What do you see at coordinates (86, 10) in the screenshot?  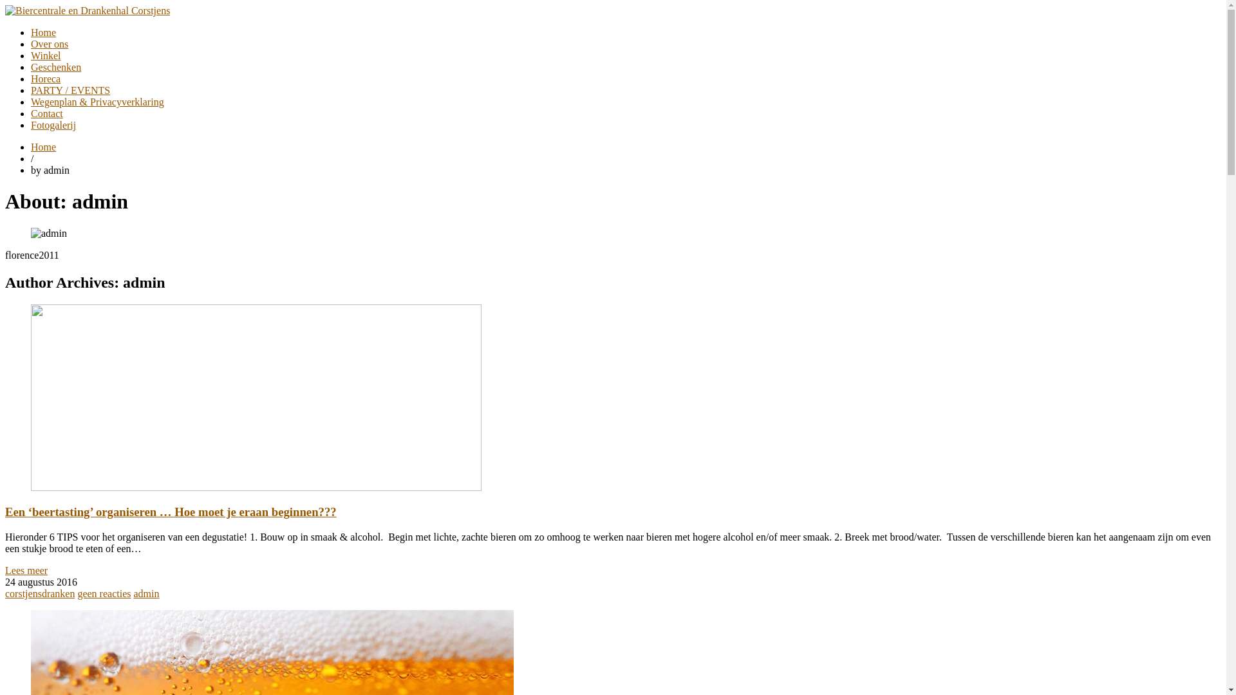 I see `'Biercentrale en Drankenhal Corstjens'` at bounding box center [86, 10].